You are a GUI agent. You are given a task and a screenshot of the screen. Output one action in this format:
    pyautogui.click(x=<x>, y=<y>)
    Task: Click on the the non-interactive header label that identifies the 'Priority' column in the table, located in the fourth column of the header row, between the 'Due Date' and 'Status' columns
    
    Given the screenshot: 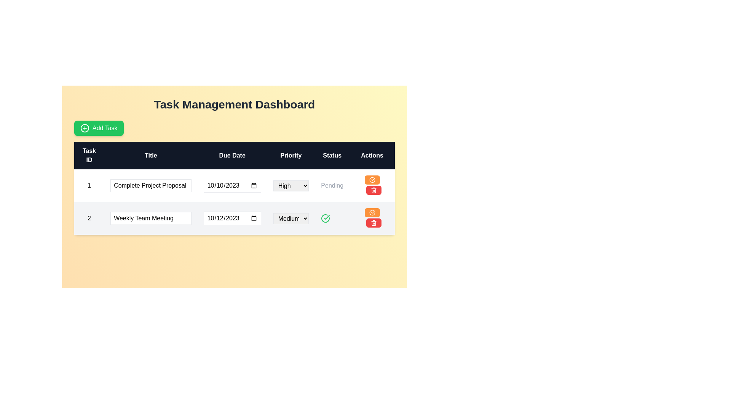 What is the action you would take?
    pyautogui.click(x=290, y=155)
    